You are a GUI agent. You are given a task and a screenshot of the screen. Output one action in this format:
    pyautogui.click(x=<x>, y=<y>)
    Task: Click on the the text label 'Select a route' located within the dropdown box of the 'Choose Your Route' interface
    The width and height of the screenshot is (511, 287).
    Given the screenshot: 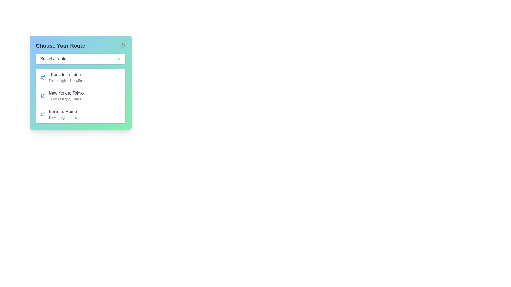 What is the action you would take?
    pyautogui.click(x=53, y=59)
    